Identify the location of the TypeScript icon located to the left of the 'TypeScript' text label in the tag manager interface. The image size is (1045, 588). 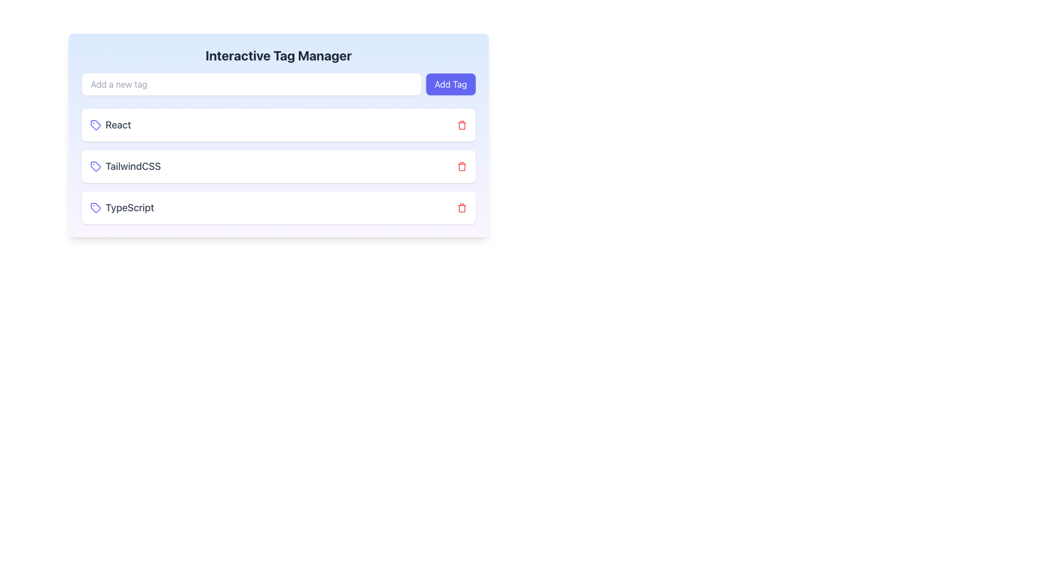
(96, 207).